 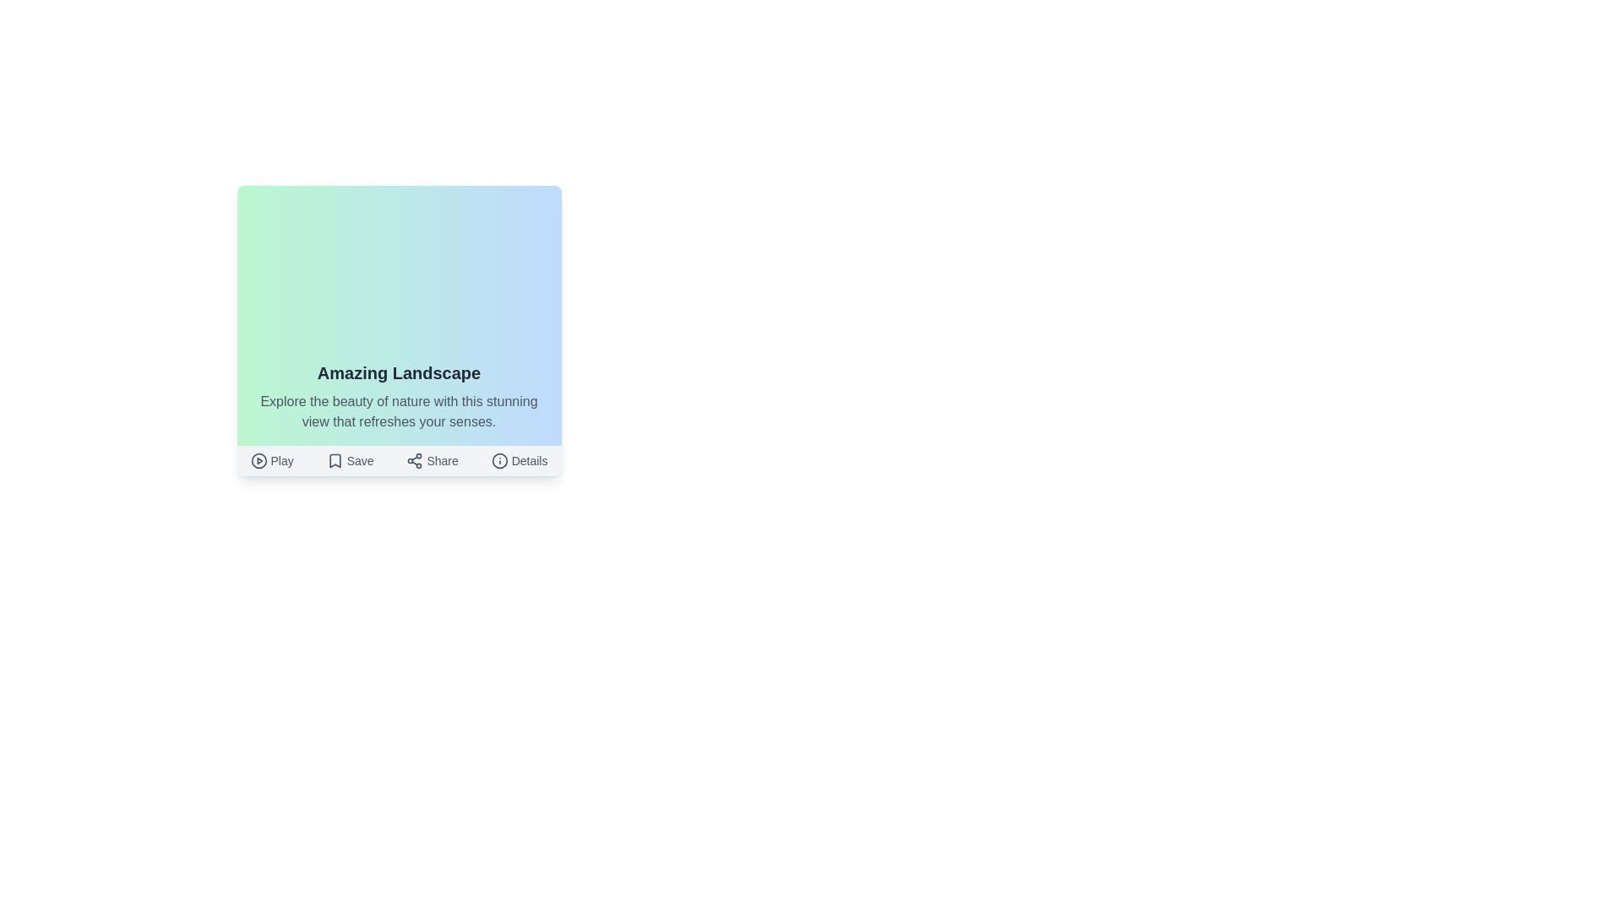 I want to click on the 'Save' button, which features a bookmark icon and gray text, to trigger the styling change to blue, so click(x=349, y=461).